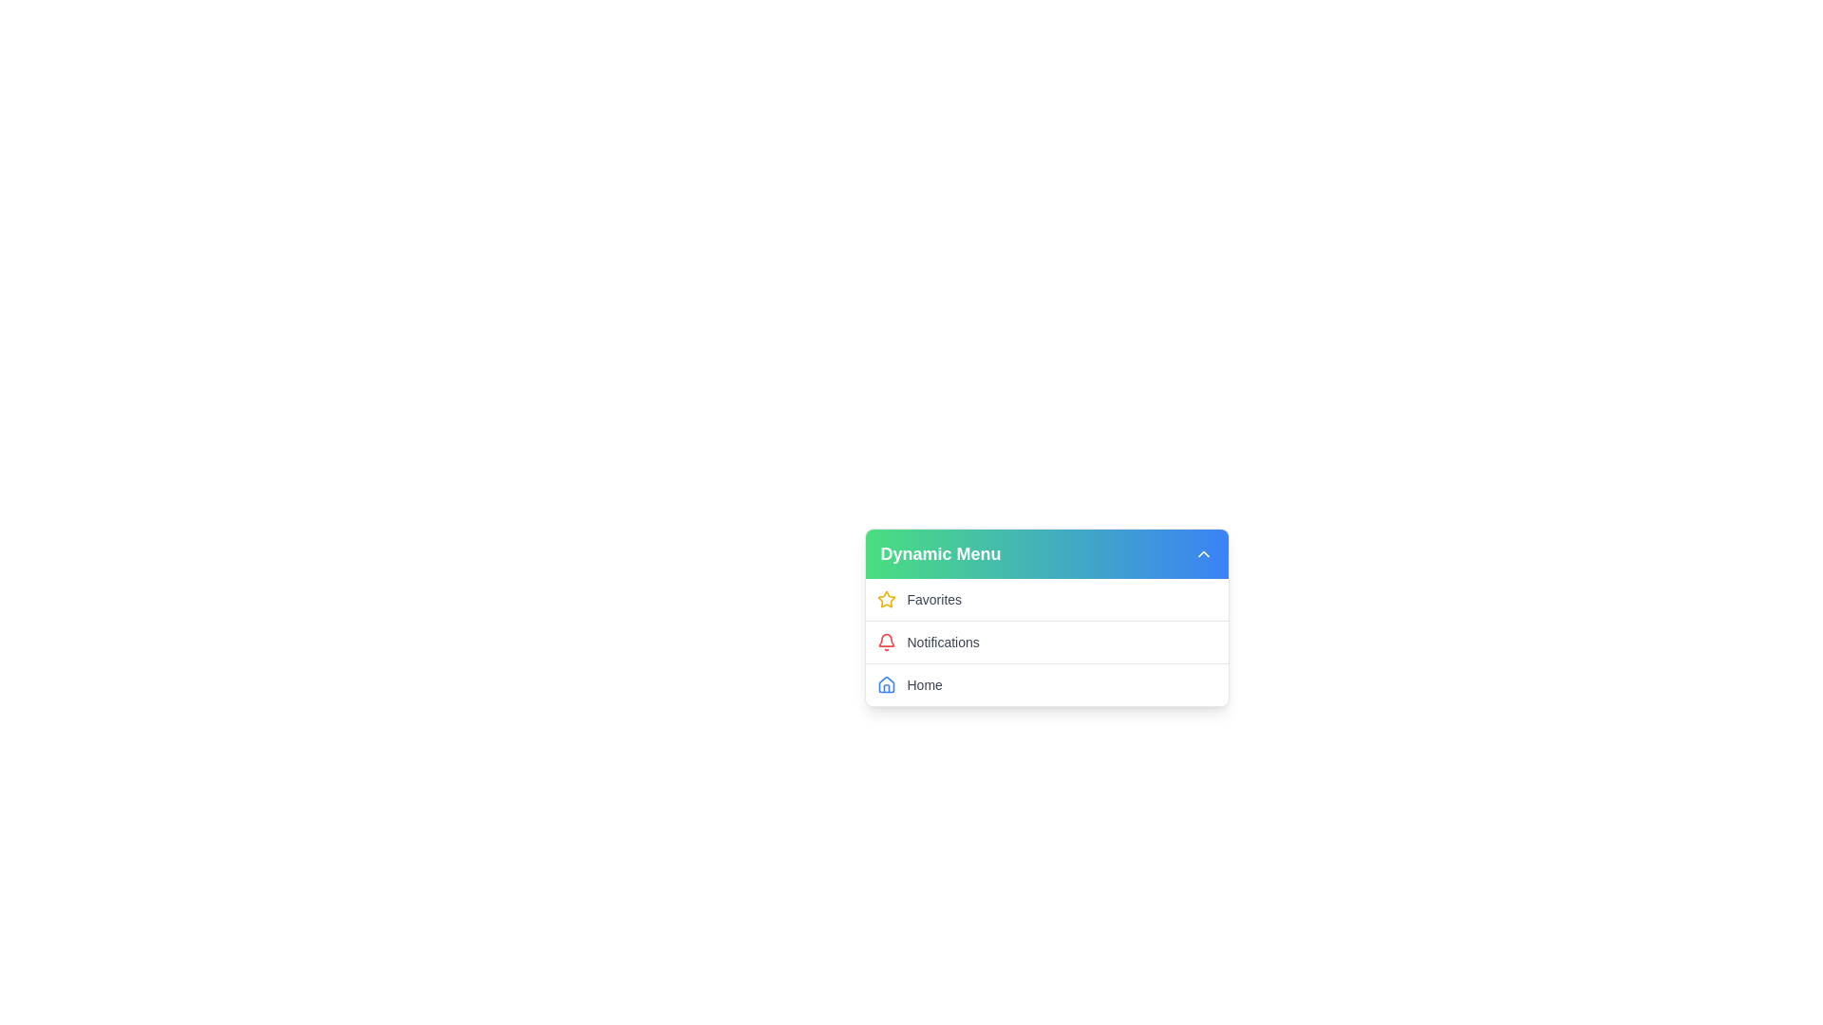  Describe the element at coordinates (1045, 641) in the screenshot. I see `the menu item labeled Notifications` at that location.